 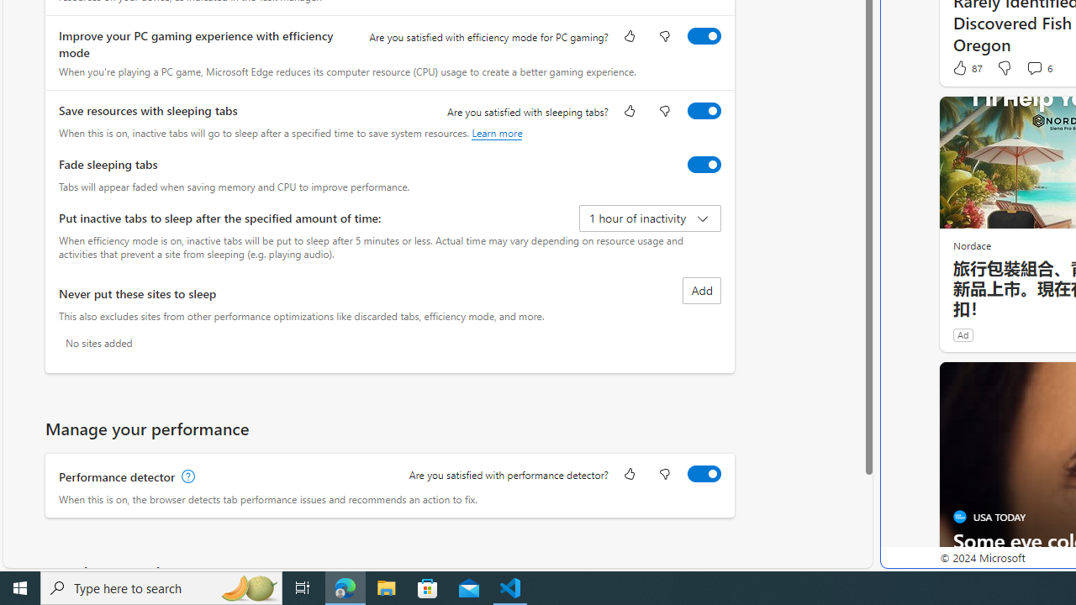 What do you see at coordinates (187, 476) in the screenshot?
I see `'Performance detector, learn more'` at bounding box center [187, 476].